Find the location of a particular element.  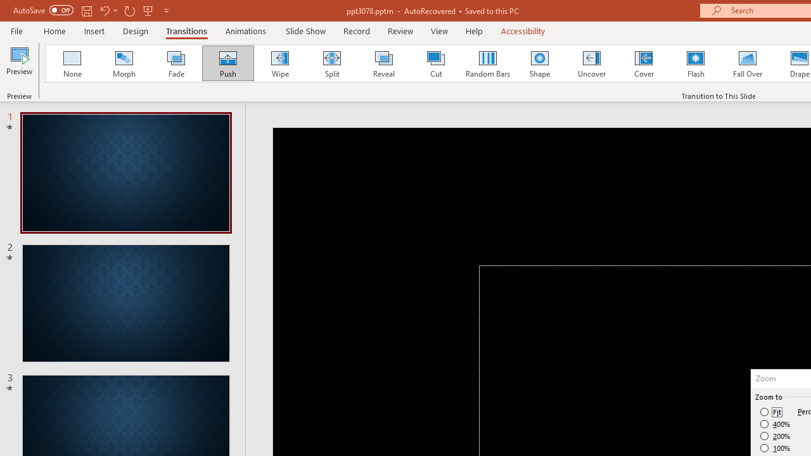

'Fade' is located at coordinates (175, 63).